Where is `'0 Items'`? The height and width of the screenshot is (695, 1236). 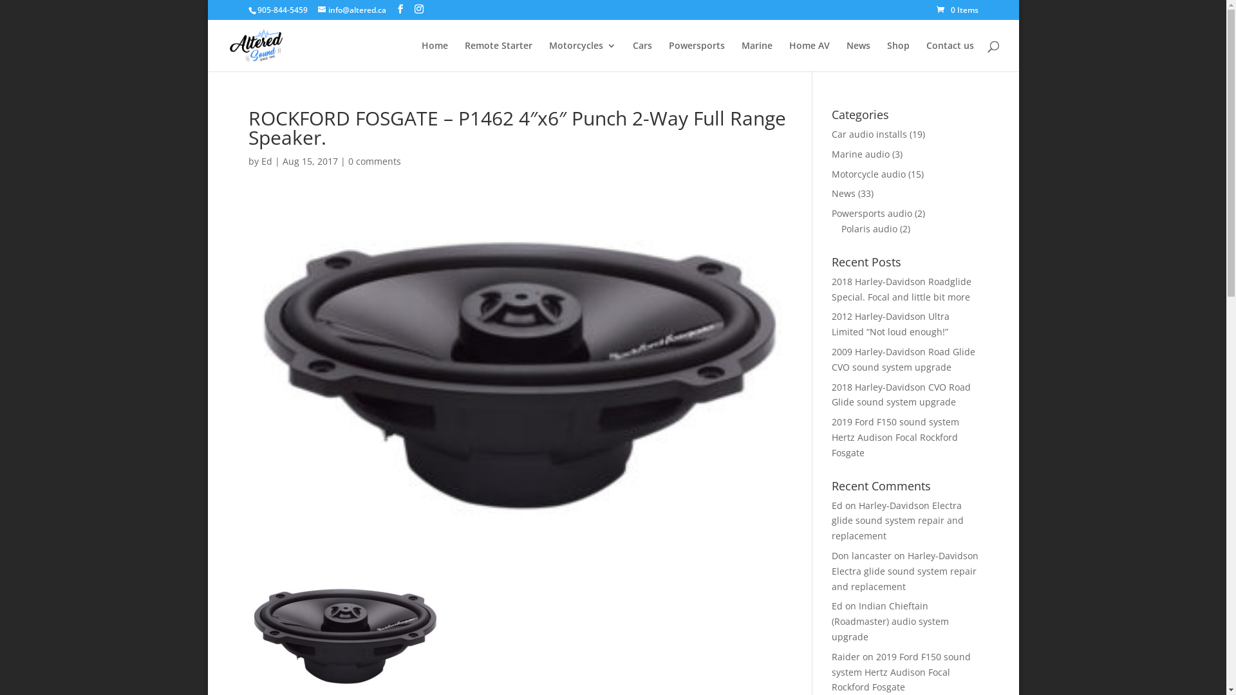
'0 Items' is located at coordinates (936, 10).